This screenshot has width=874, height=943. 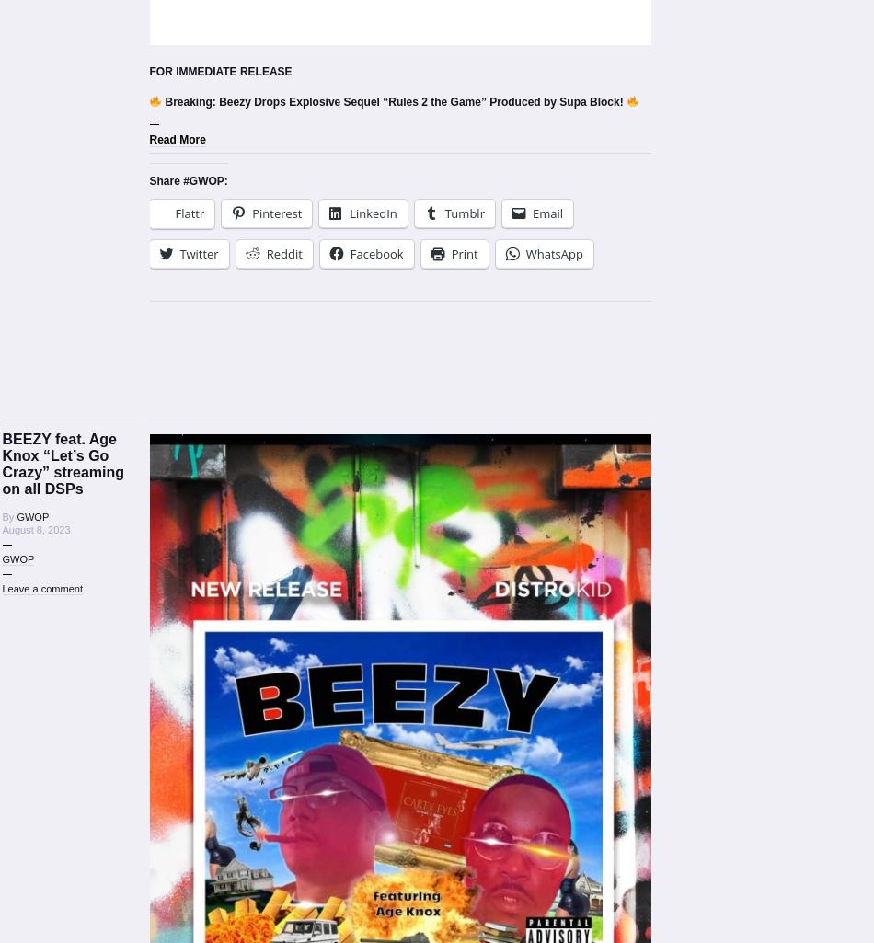 I want to click on 'Flattr', so click(x=175, y=213).